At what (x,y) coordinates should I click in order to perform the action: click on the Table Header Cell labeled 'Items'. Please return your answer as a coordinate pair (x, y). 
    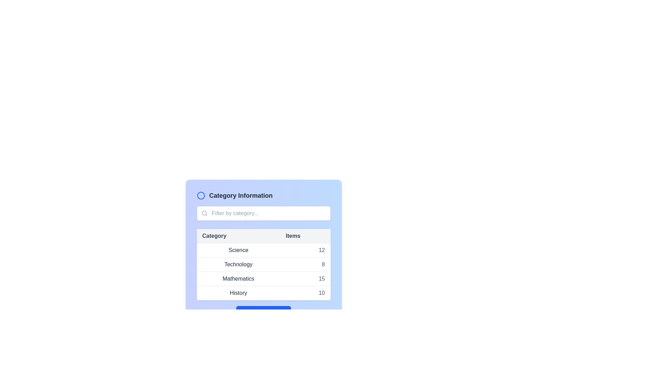
    Looking at the image, I should click on (305, 236).